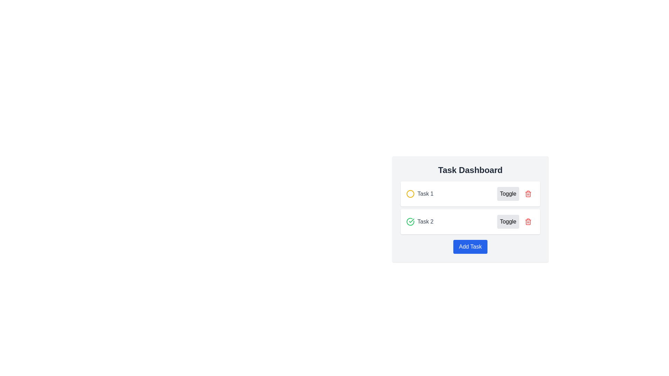  Describe the element at coordinates (420, 194) in the screenshot. I see `text content of the grayish 'Task 1' label located in the first task row of the task list under 'Task Dashboard', adjacent to a yellow circular icon` at that location.